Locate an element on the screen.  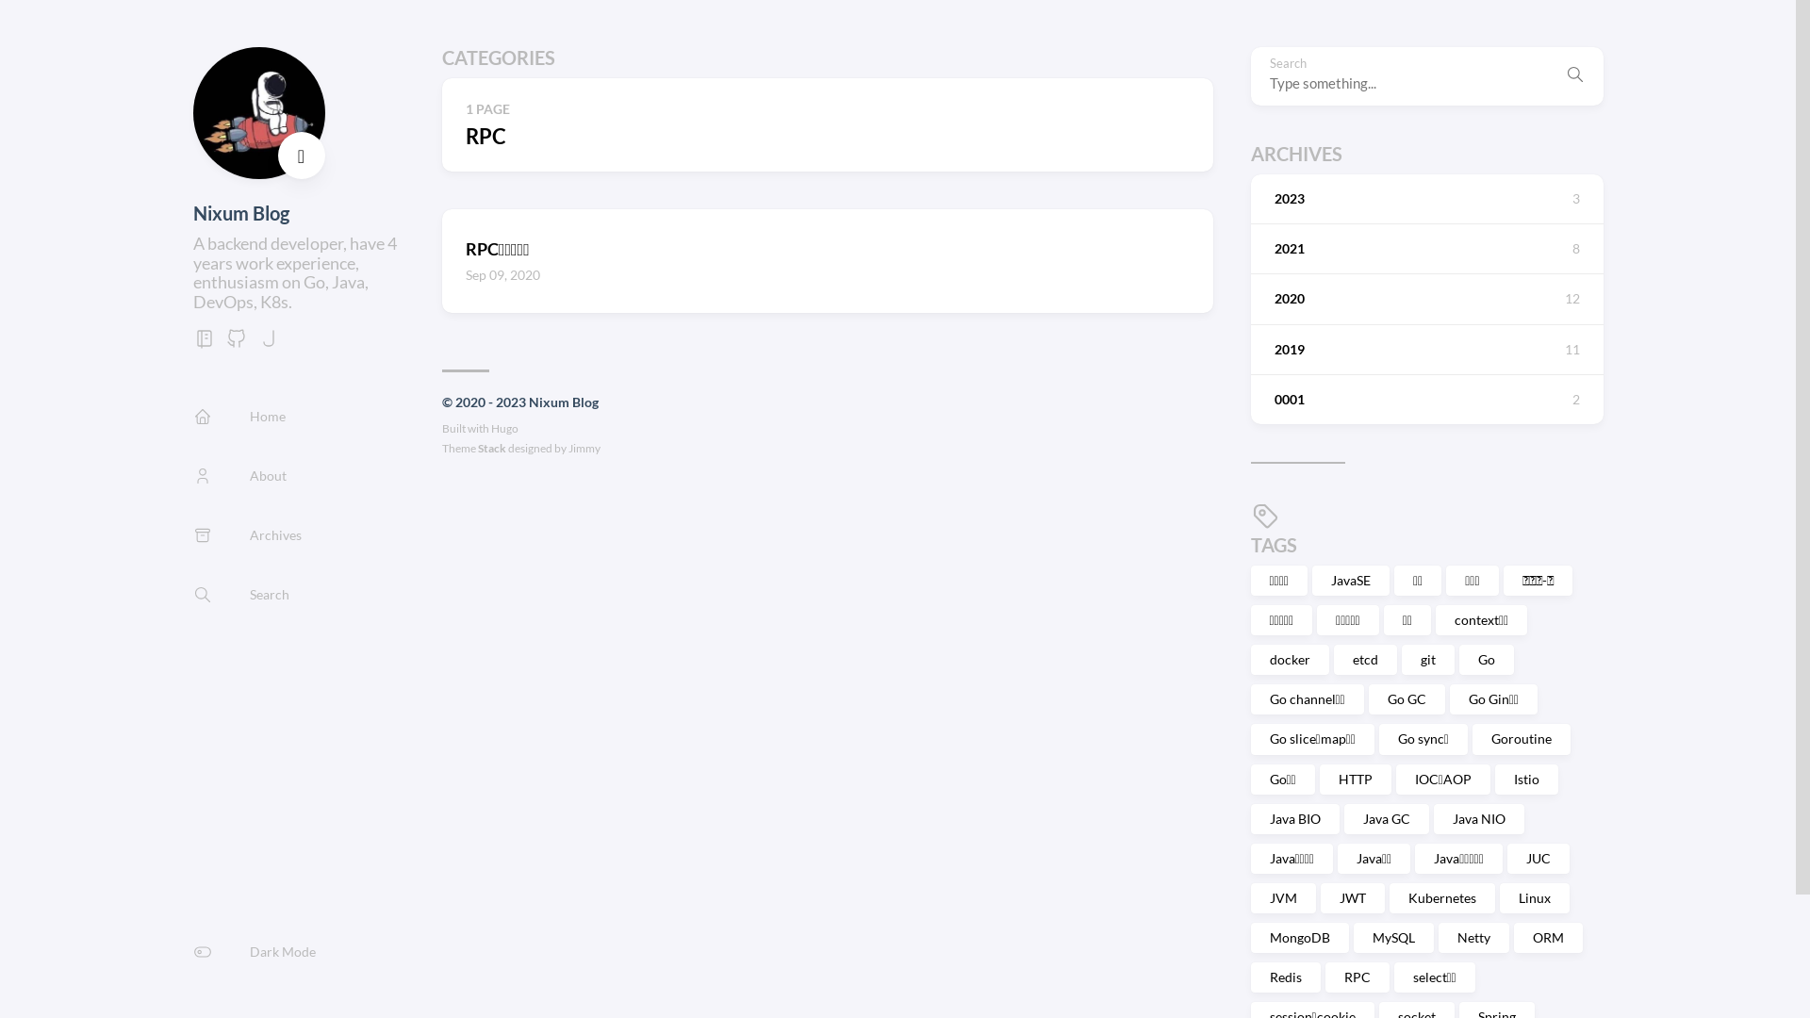
'Go GC' is located at coordinates (1407, 698).